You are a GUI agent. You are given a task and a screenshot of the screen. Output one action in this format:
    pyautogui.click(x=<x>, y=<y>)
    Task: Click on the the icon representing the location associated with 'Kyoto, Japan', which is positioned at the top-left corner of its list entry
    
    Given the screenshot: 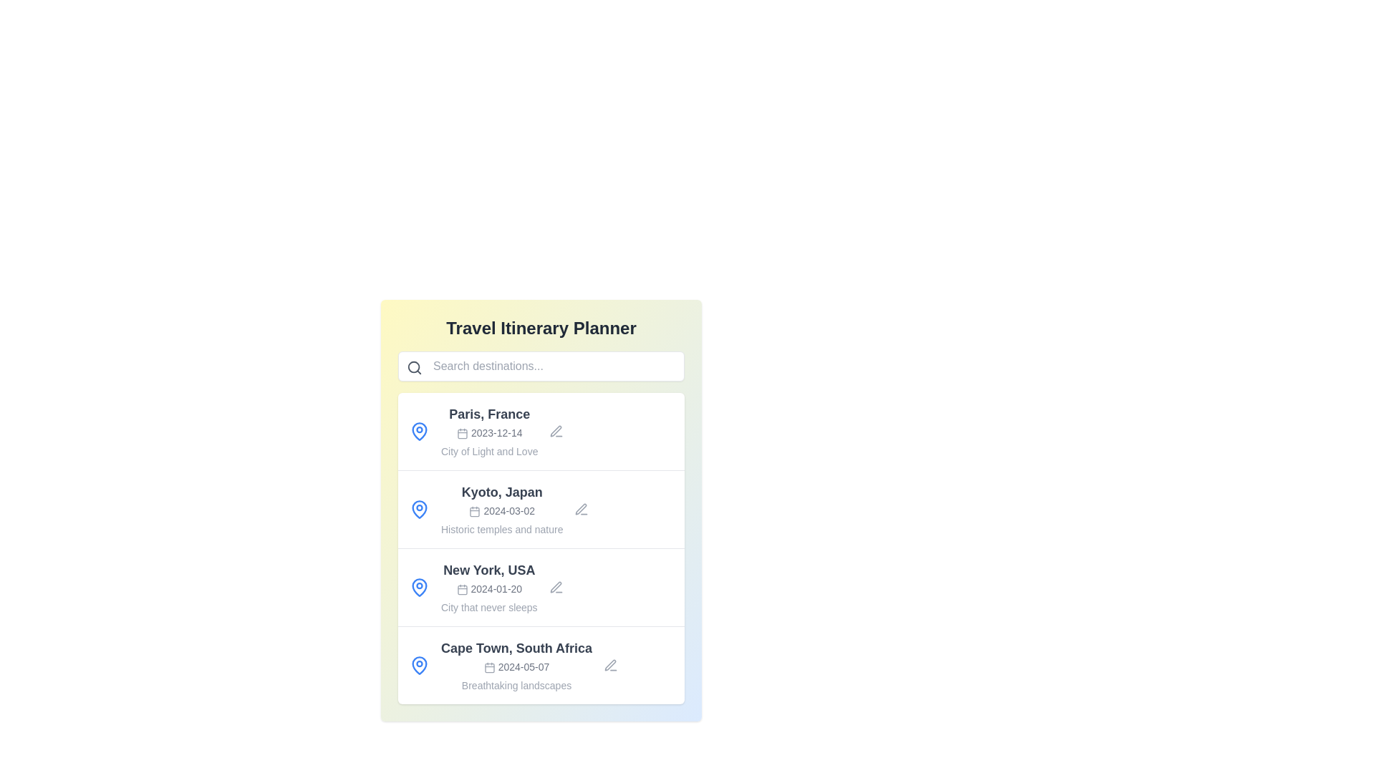 What is the action you would take?
    pyautogui.click(x=418, y=509)
    